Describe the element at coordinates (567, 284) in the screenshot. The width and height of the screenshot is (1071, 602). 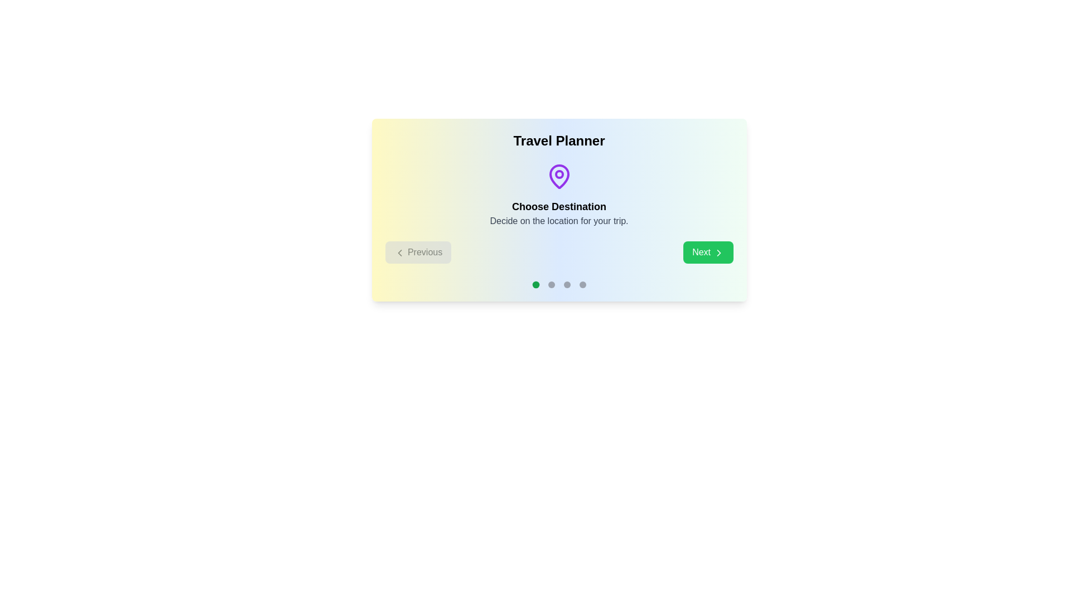
I see `the third navigation dot in the row of four indicators located centrally below the main content` at that location.